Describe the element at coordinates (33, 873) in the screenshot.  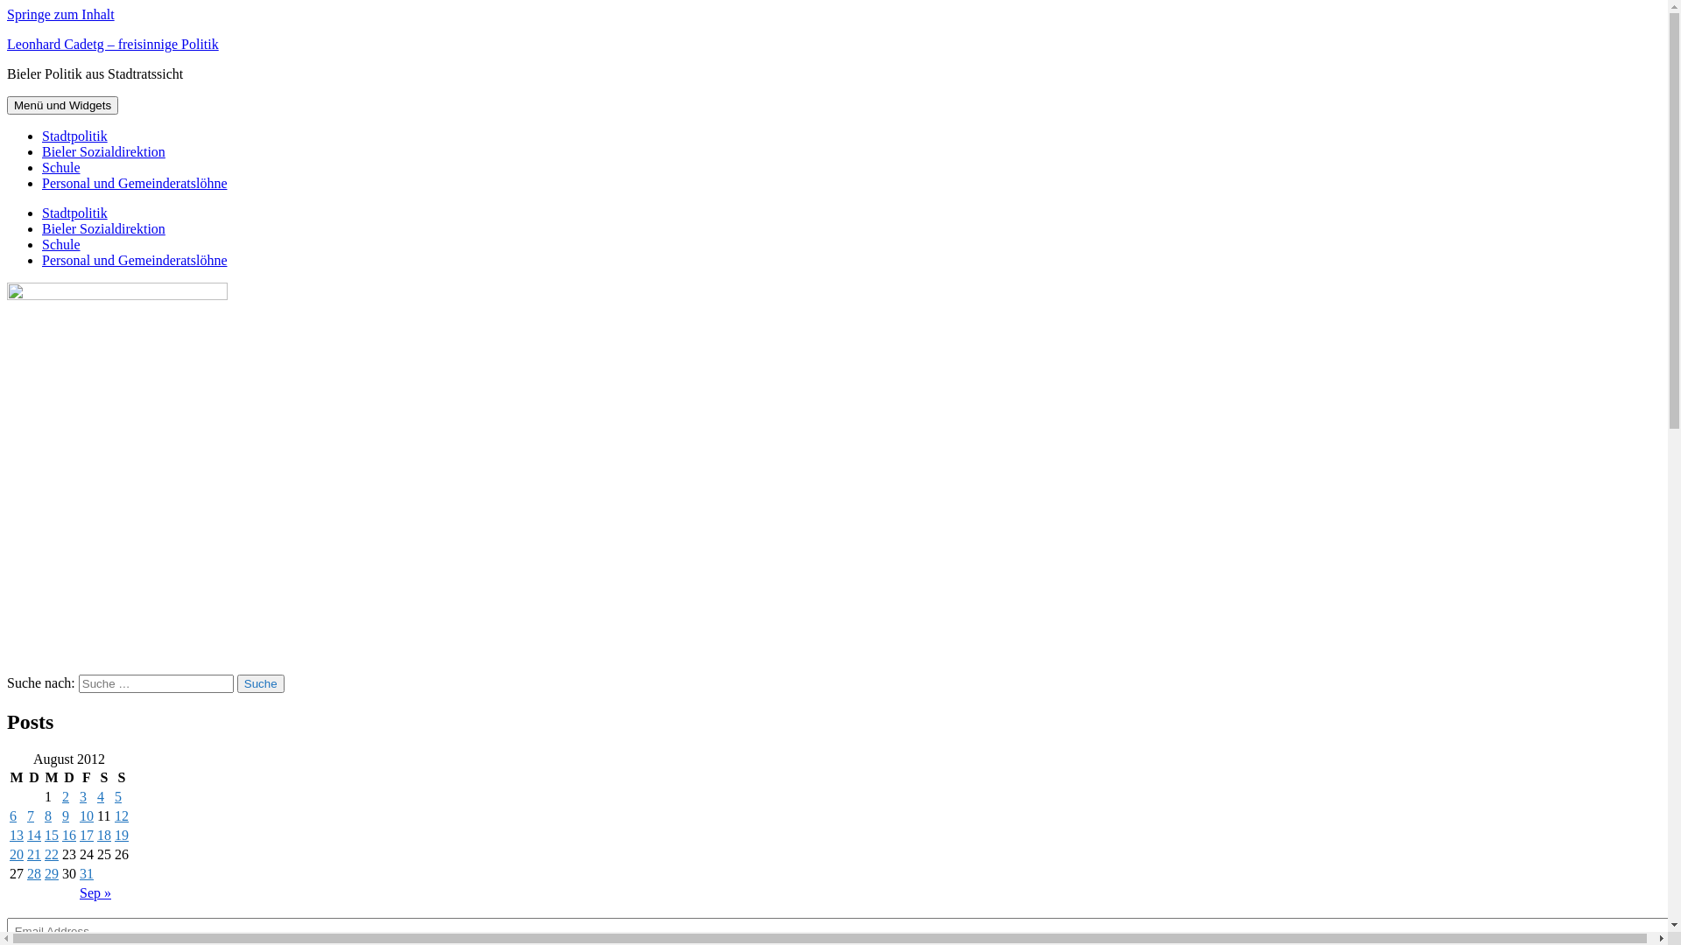
I see `'28'` at that location.